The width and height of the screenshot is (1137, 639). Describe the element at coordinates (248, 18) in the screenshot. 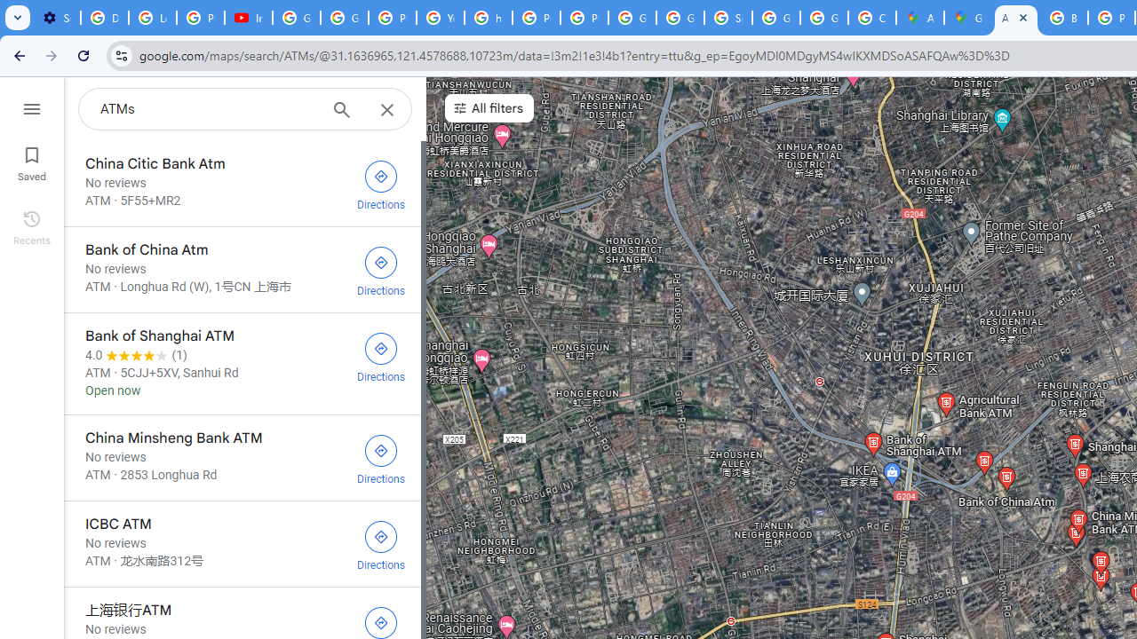

I see `'Introduction | Google Privacy Policy - YouTube'` at that location.